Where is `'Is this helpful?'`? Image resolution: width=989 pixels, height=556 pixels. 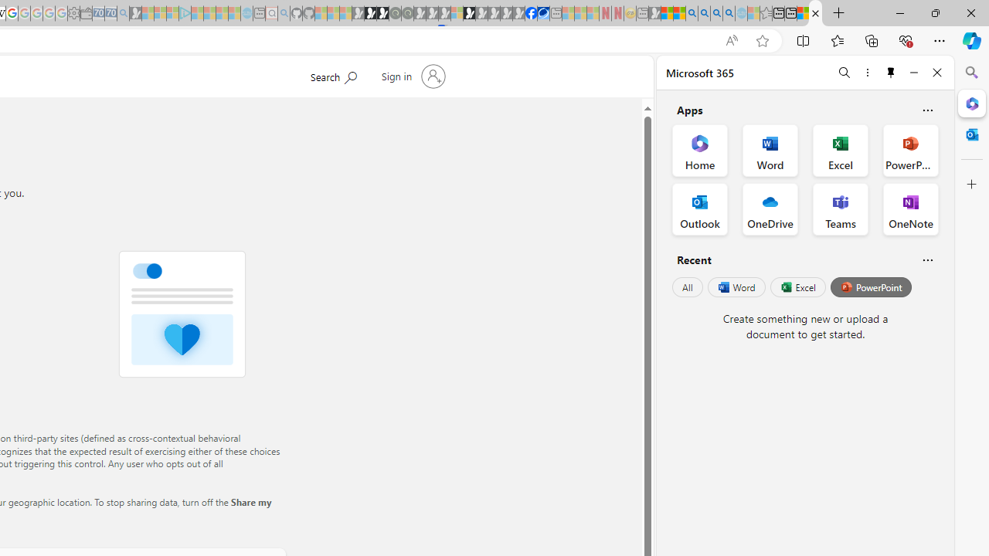 'Is this helpful?' is located at coordinates (927, 259).